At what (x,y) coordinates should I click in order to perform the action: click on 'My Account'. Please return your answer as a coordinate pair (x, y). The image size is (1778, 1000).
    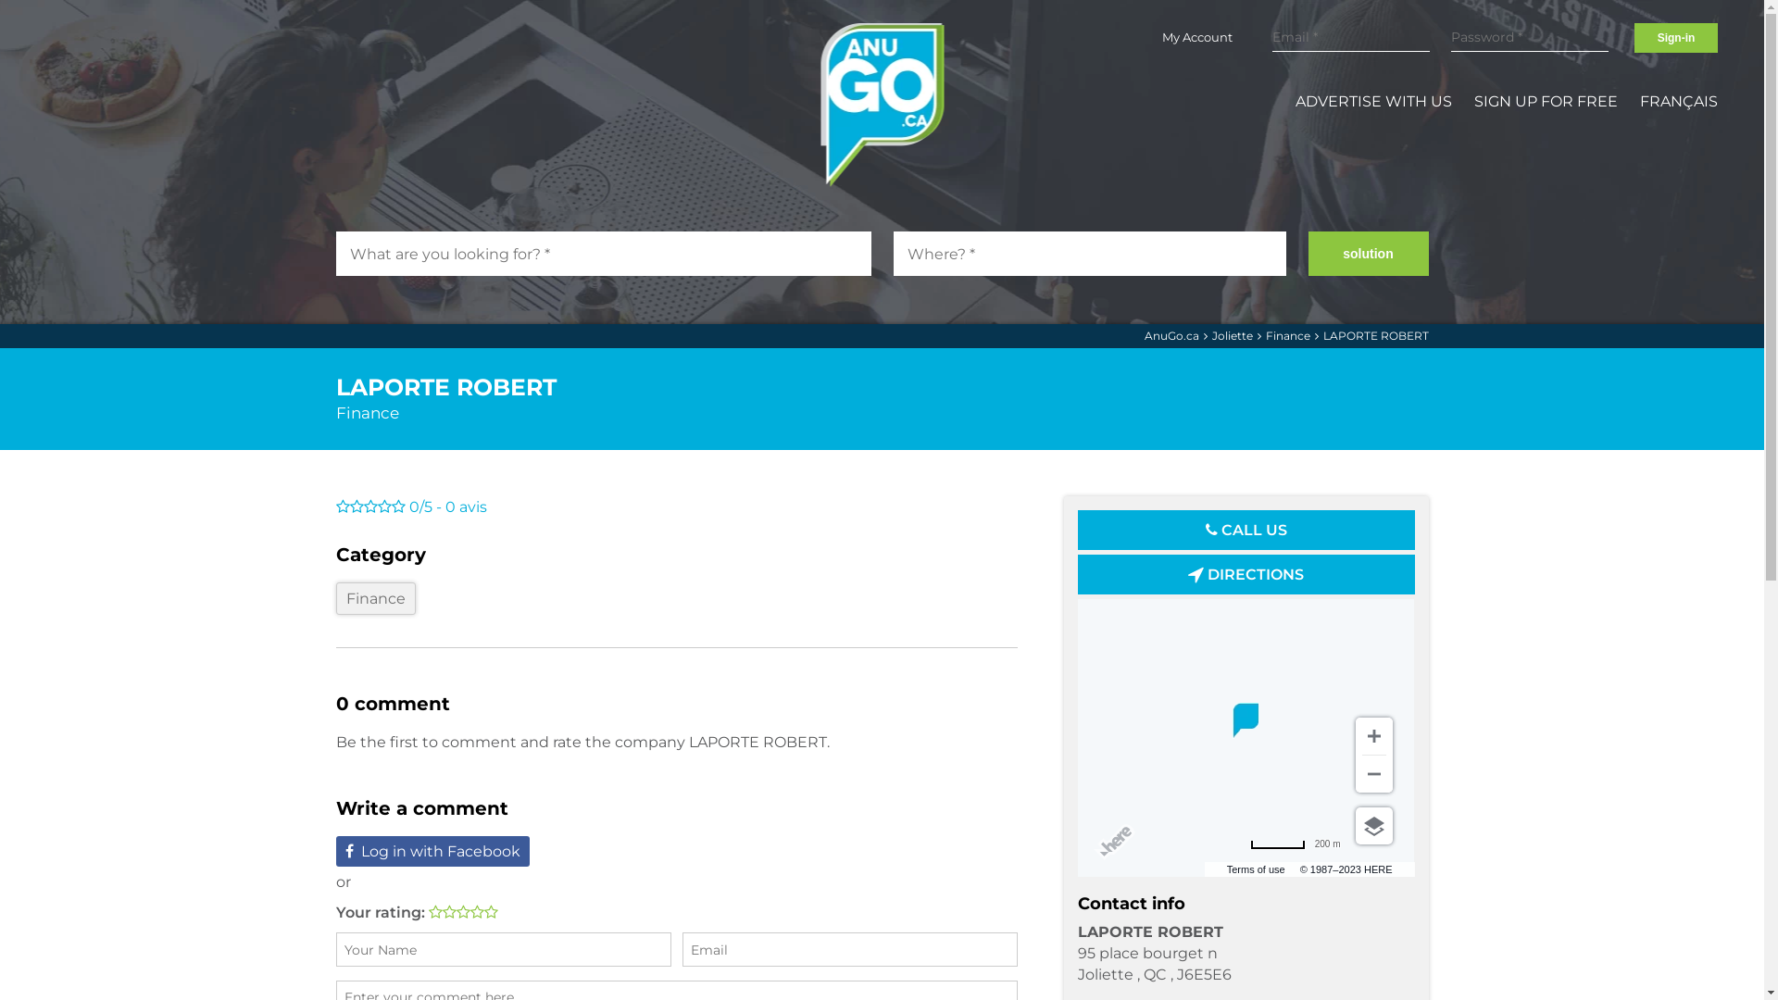
    Looking at the image, I should click on (1196, 36).